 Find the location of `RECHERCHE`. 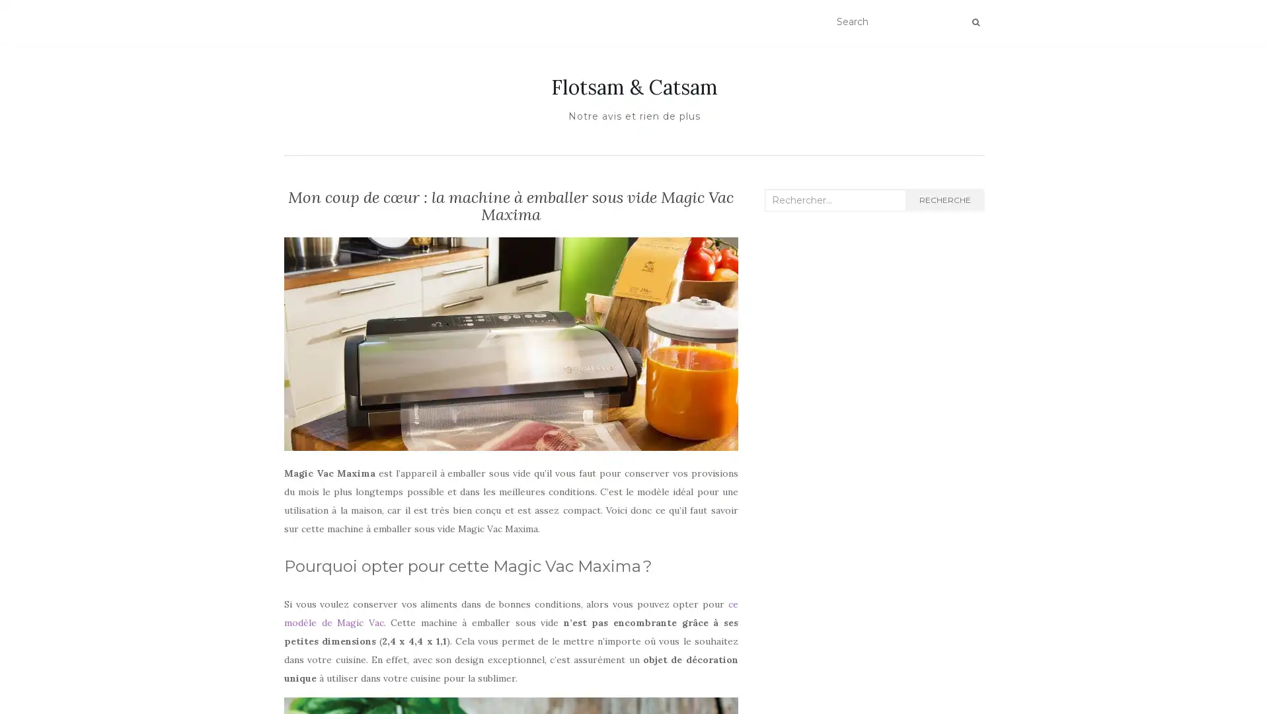

RECHERCHE is located at coordinates (944, 200).